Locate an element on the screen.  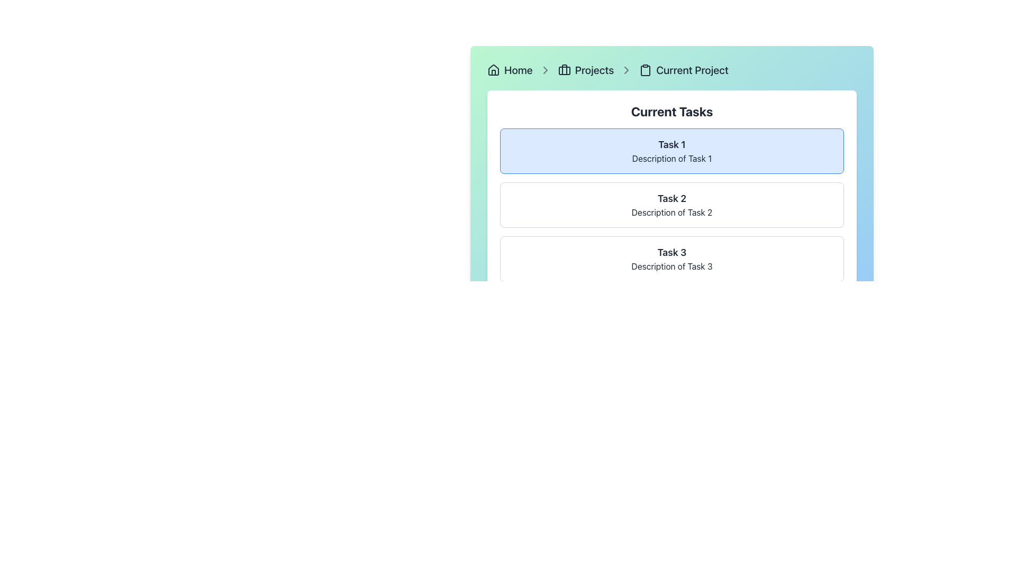
the vector graphic arrow icon that serves as a separator in the breadcrumb navigation between 'Projects' and 'Current Project' is located at coordinates (627, 70).